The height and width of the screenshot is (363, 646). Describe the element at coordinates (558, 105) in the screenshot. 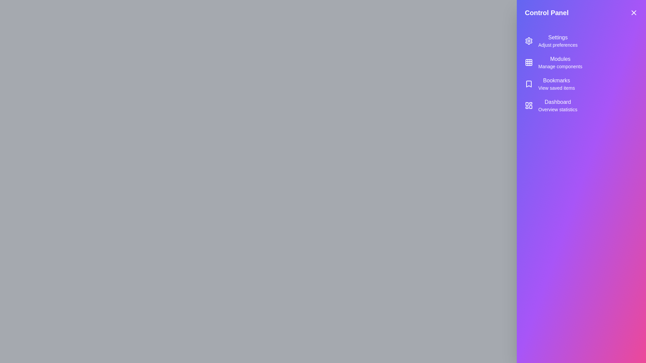

I see `the Text Element in the sidebar menu located under the 'Bookmarks' menu item` at that location.